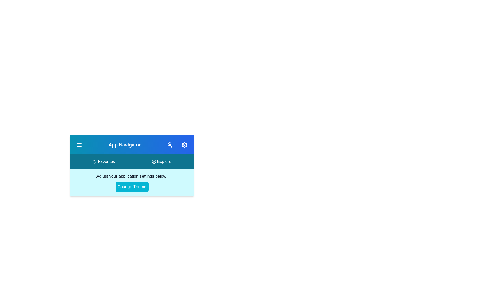 Image resolution: width=503 pixels, height=283 pixels. I want to click on the 'Explore' icon, which is part of the navigational button for exploration functionality, located, so click(154, 161).